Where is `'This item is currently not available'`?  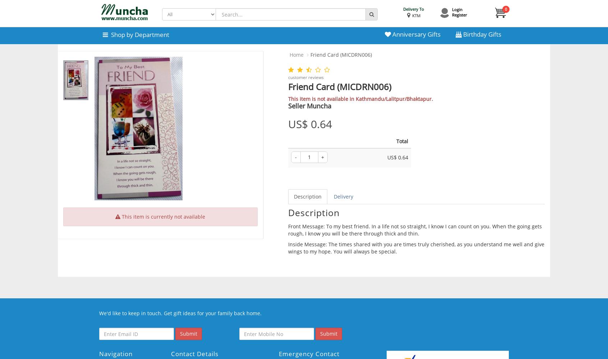 'This item is currently not available' is located at coordinates (162, 216).